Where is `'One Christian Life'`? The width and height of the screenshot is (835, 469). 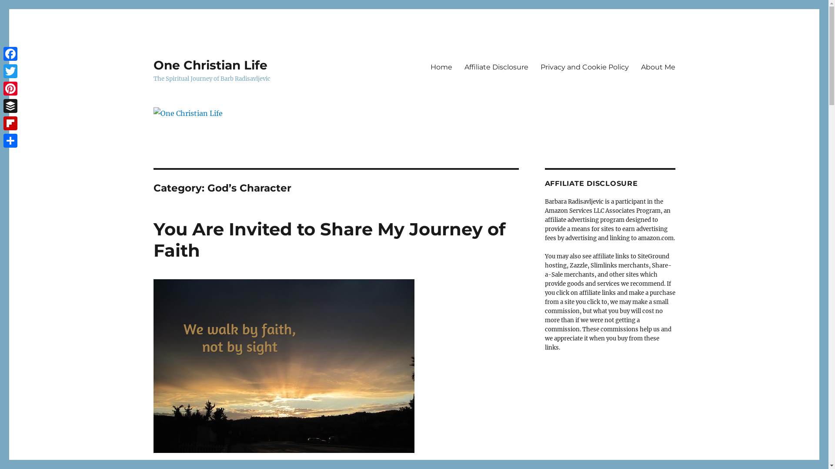 'One Christian Life' is located at coordinates (210, 65).